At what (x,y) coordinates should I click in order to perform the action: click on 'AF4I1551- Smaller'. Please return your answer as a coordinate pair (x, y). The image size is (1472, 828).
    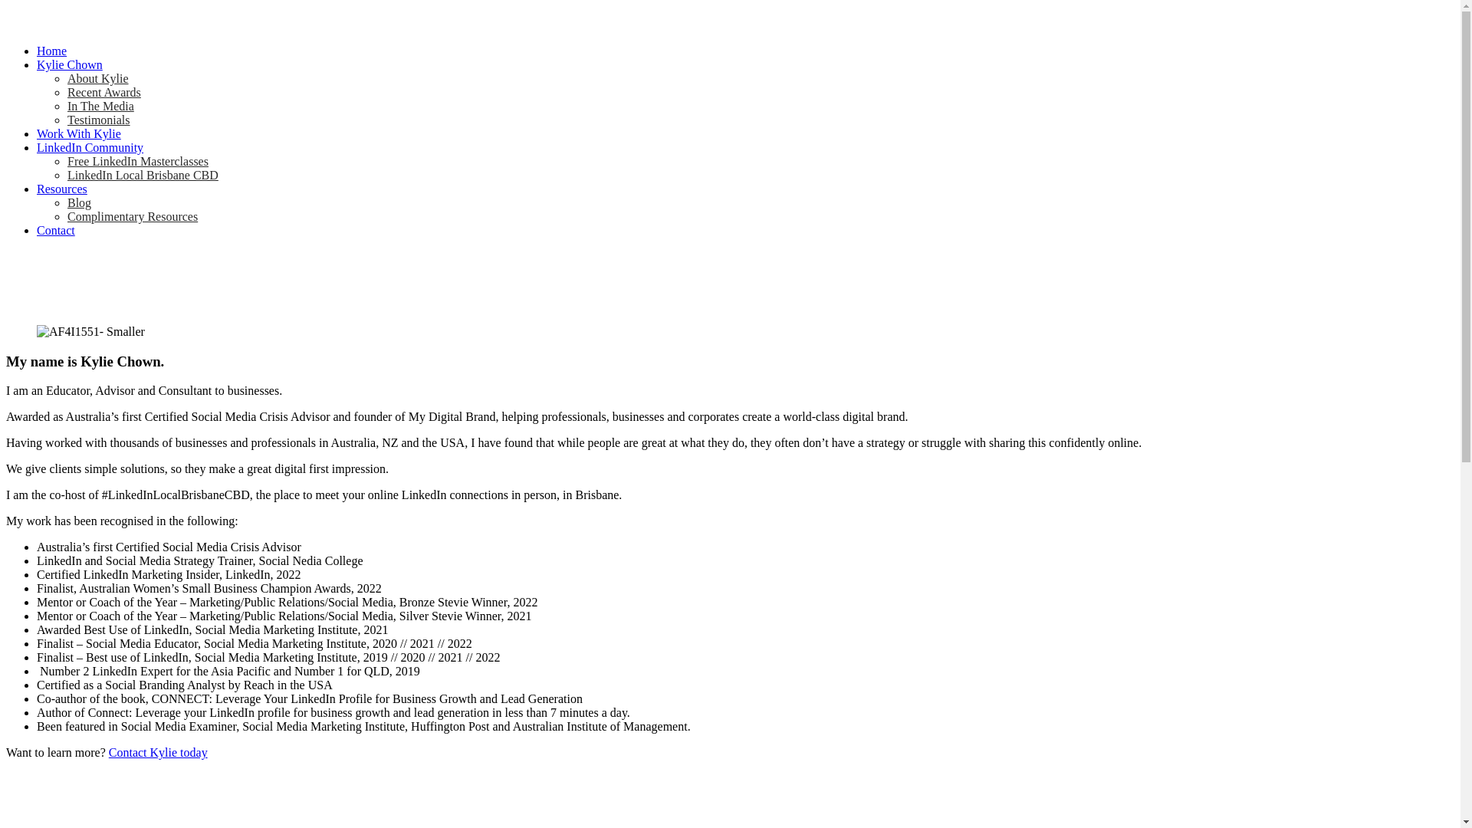
    Looking at the image, I should click on (90, 330).